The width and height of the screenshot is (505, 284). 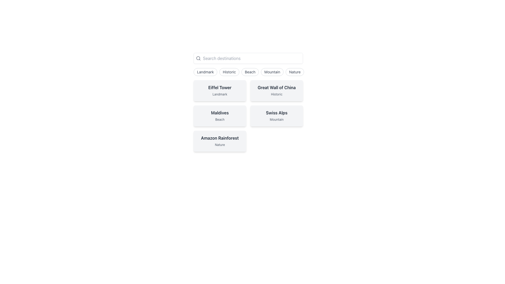 What do you see at coordinates (220, 141) in the screenshot?
I see `informational card titled 'Amazon Rainforest' located in the bottom-left corner of the grid layout, displaying the text 'Nature' below it` at bounding box center [220, 141].